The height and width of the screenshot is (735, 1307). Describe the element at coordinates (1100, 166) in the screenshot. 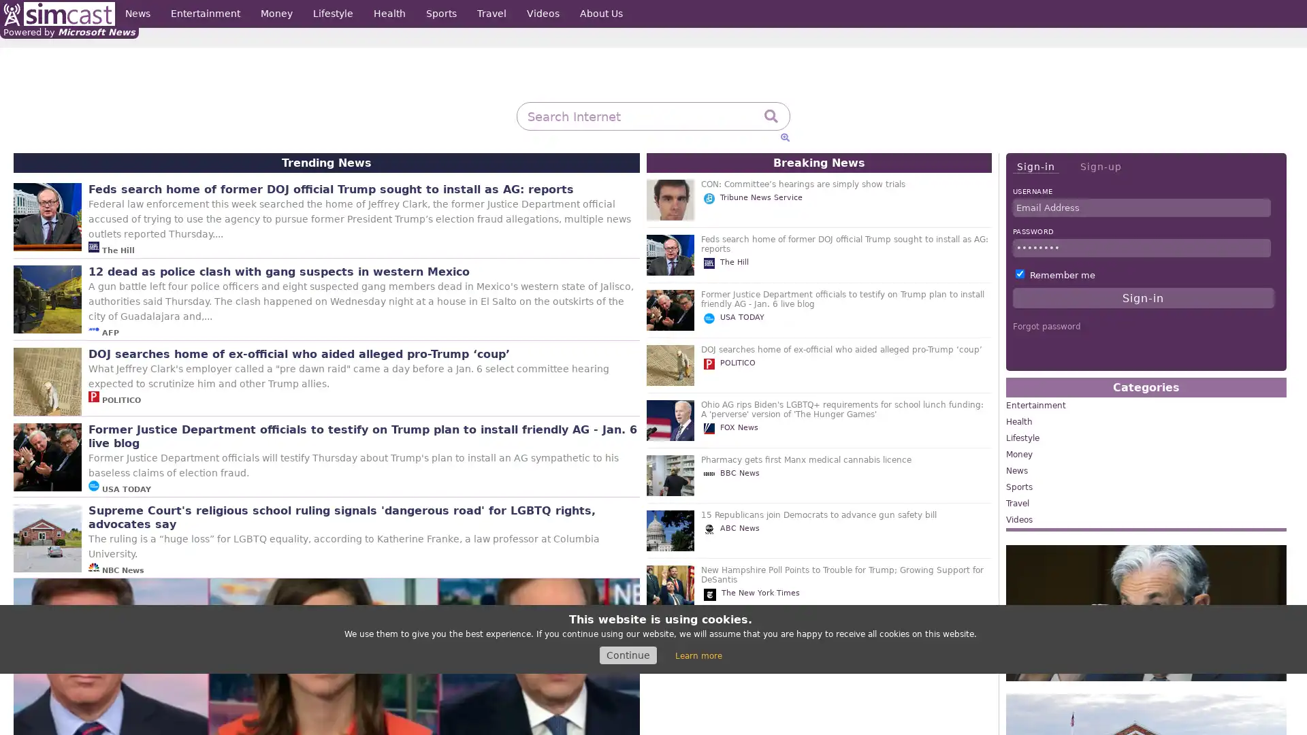

I see `Sign-up` at that location.